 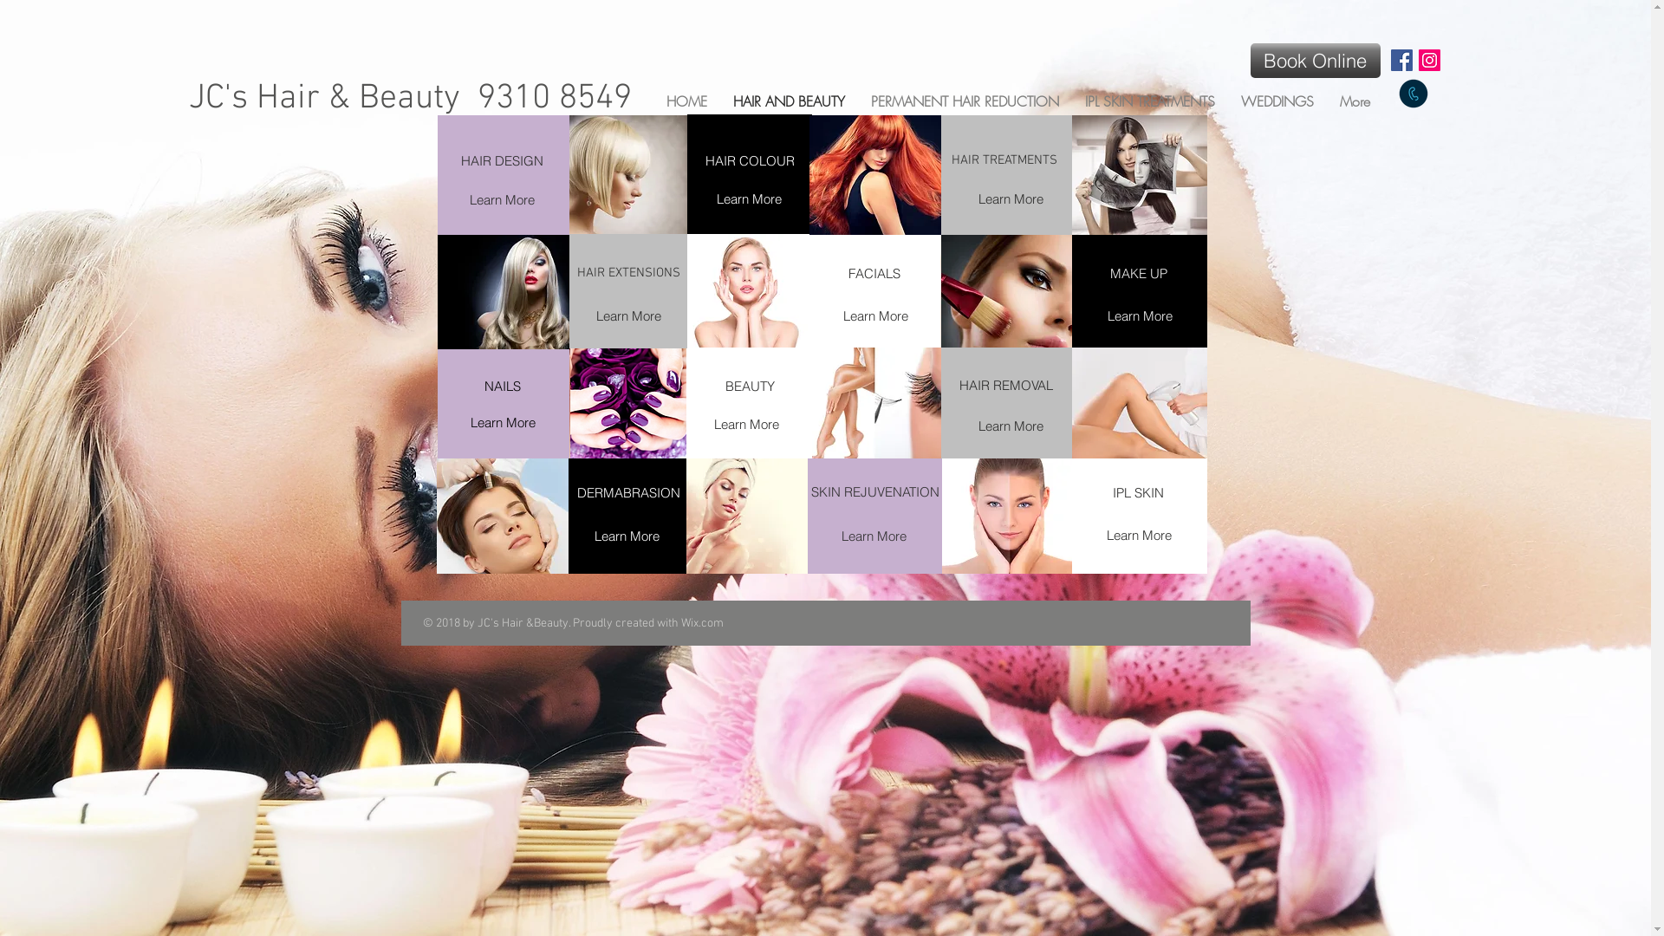 What do you see at coordinates (787, 100) in the screenshot?
I see `'HAIR AND BEAUTY'` at bounding box center [787, 100].